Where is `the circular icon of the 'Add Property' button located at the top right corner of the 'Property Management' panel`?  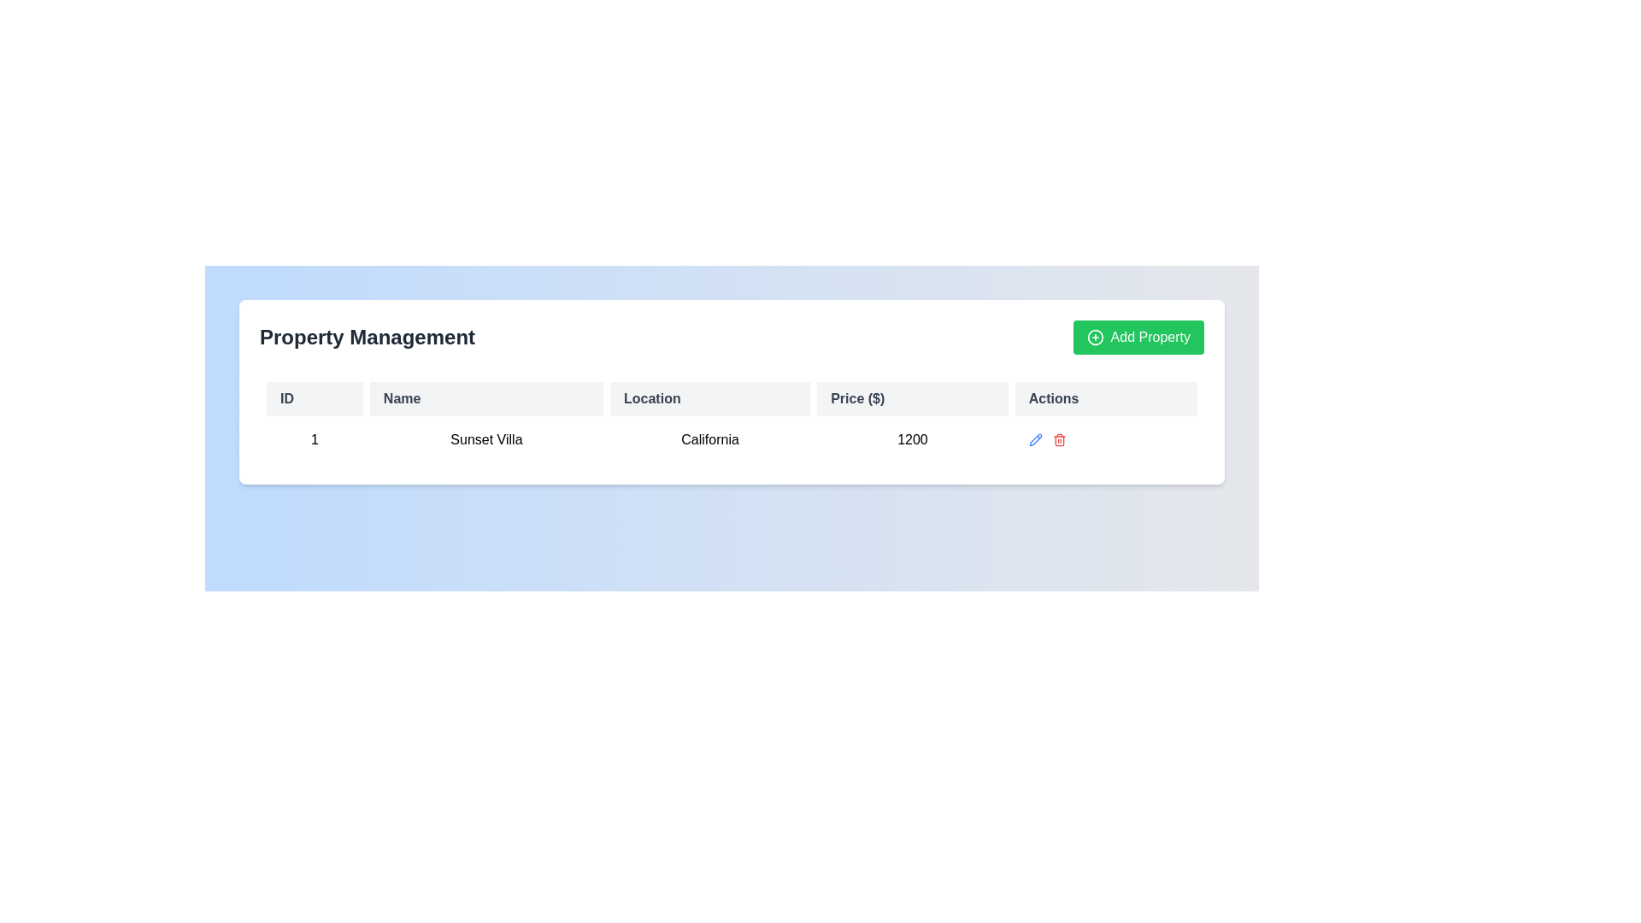 the circular icon of the 'Add Property' button located at the top right corner of the 'Property Management' panel is located at coordinates (1095, 337).